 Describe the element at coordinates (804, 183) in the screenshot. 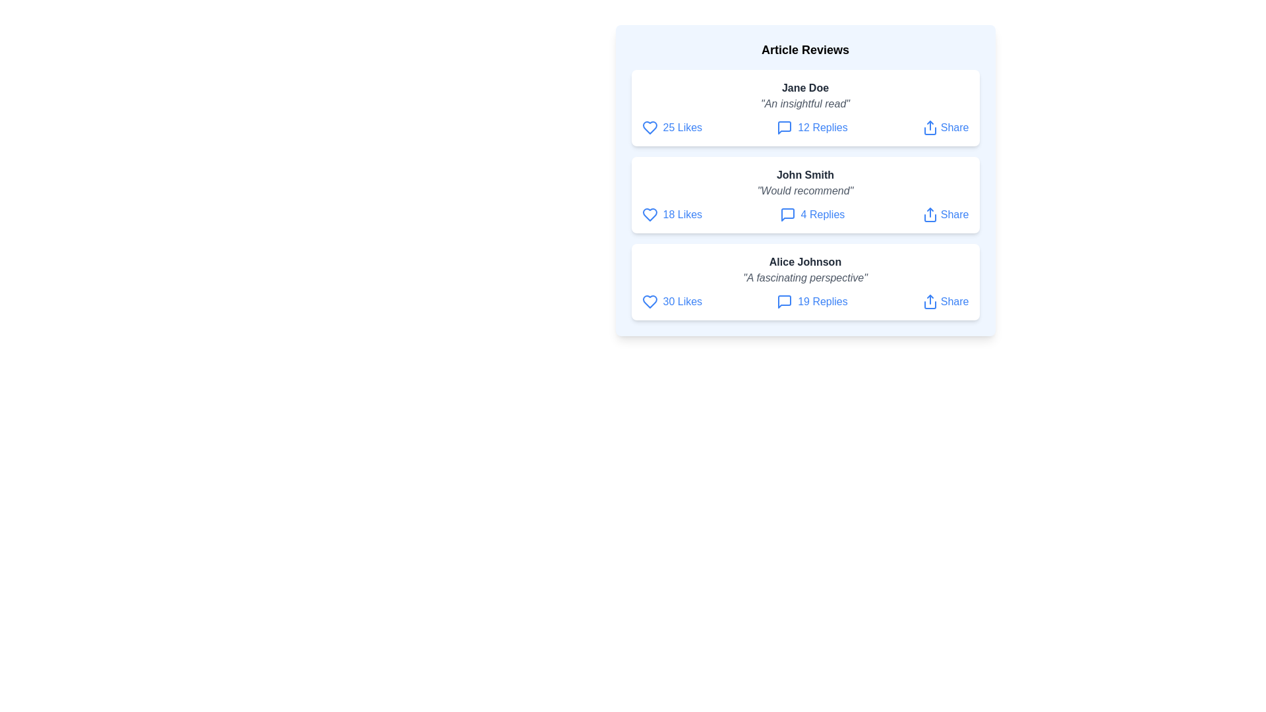

I see `the review text of John Smith` at that location.